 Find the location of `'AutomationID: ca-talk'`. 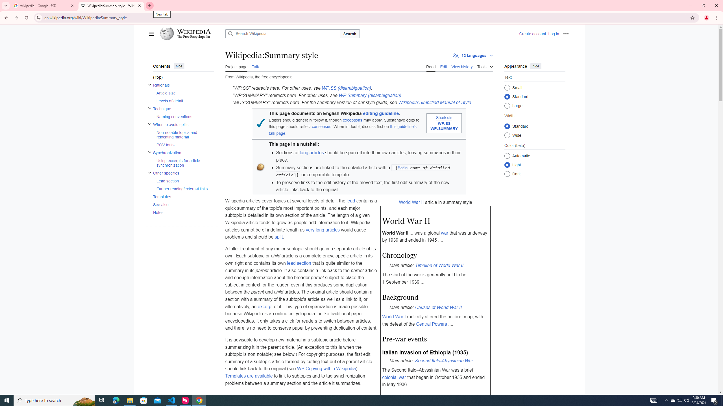

'AutomationID: ca-talk' is located at coordinates (255, 66).